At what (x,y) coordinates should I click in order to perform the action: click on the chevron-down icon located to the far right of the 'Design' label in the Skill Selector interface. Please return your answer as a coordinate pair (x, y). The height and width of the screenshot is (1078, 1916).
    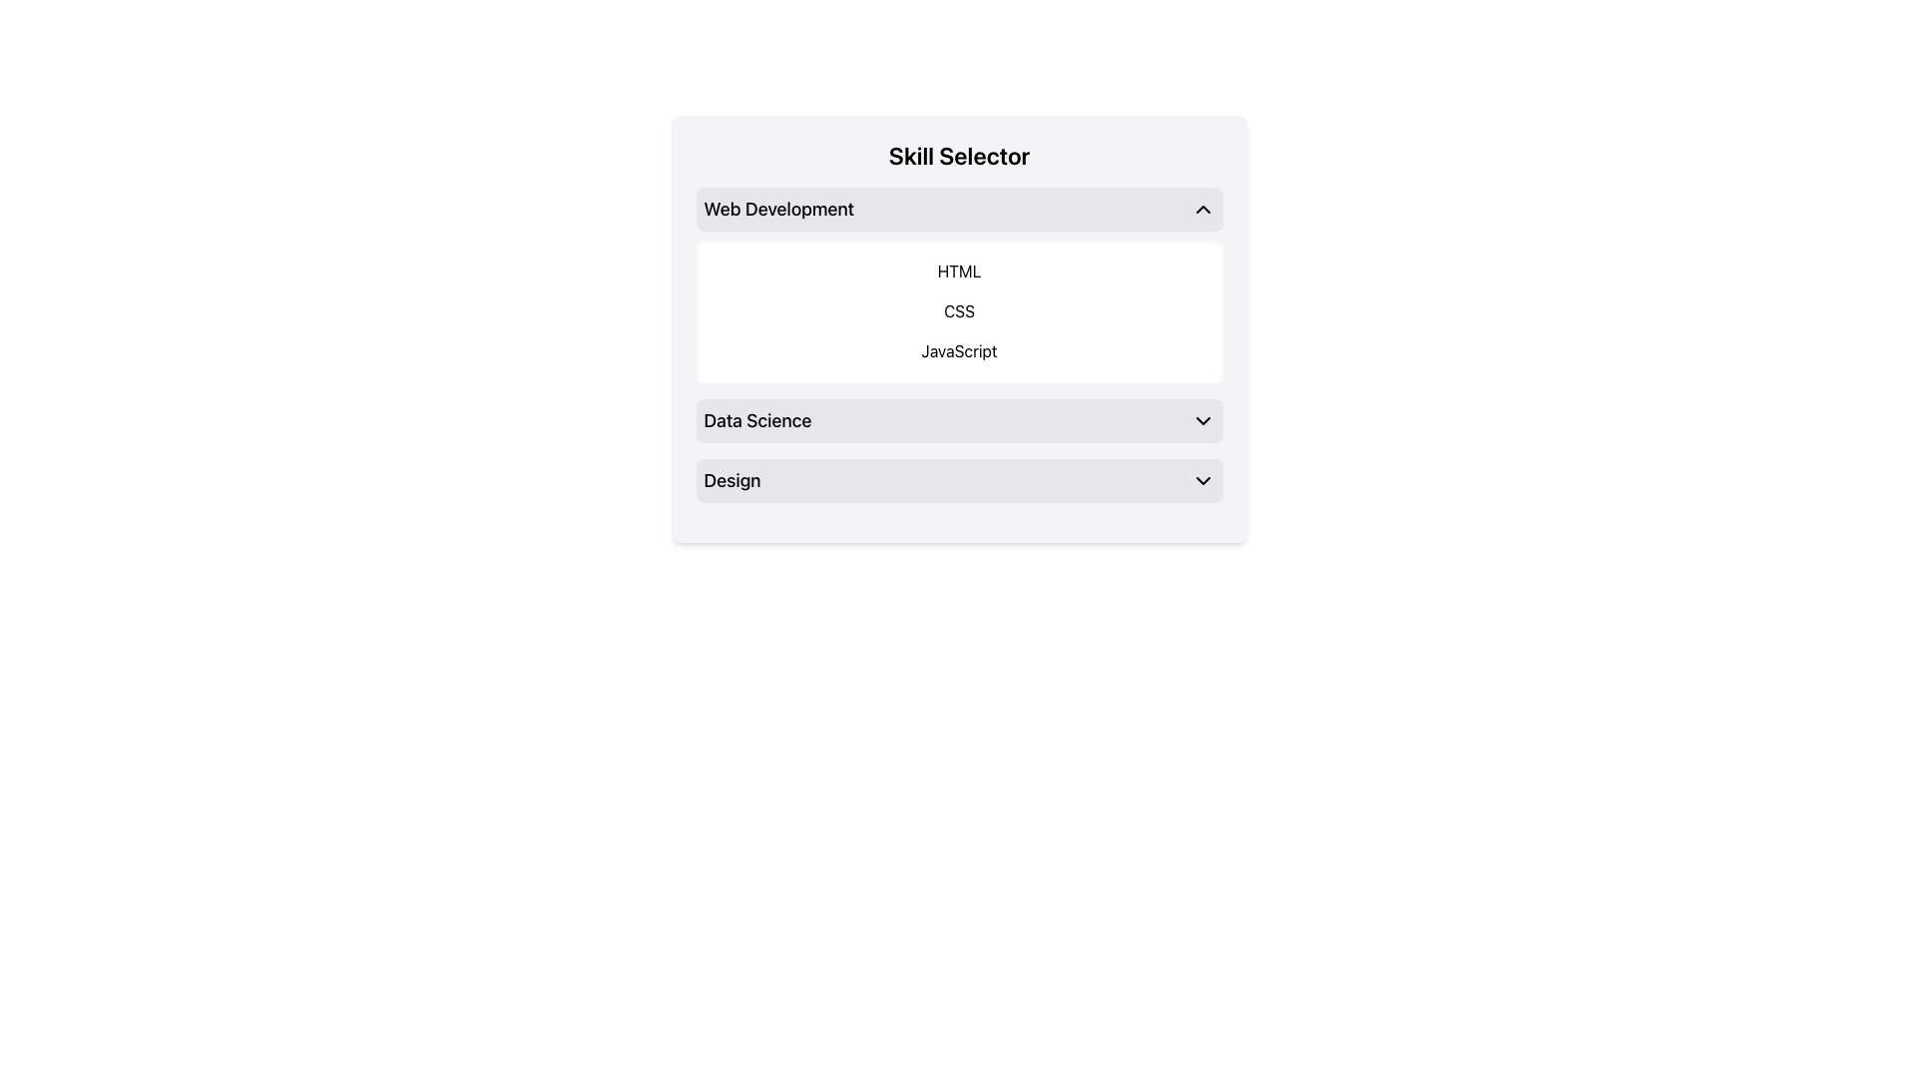
    Looking at the image, I should click on (1201, 481).